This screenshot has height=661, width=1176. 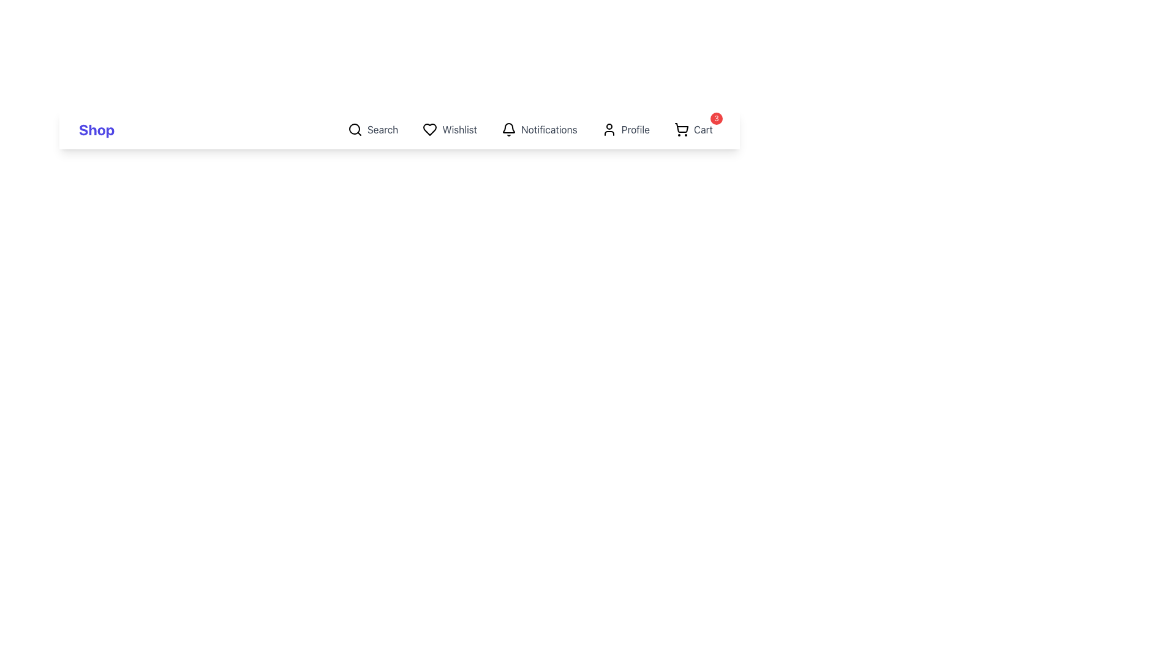 What do you see at coordinates (635, 130) in the screenshot?
I see `the 'Profile' text label in the navigation menu` at bounding box center [635, 130].